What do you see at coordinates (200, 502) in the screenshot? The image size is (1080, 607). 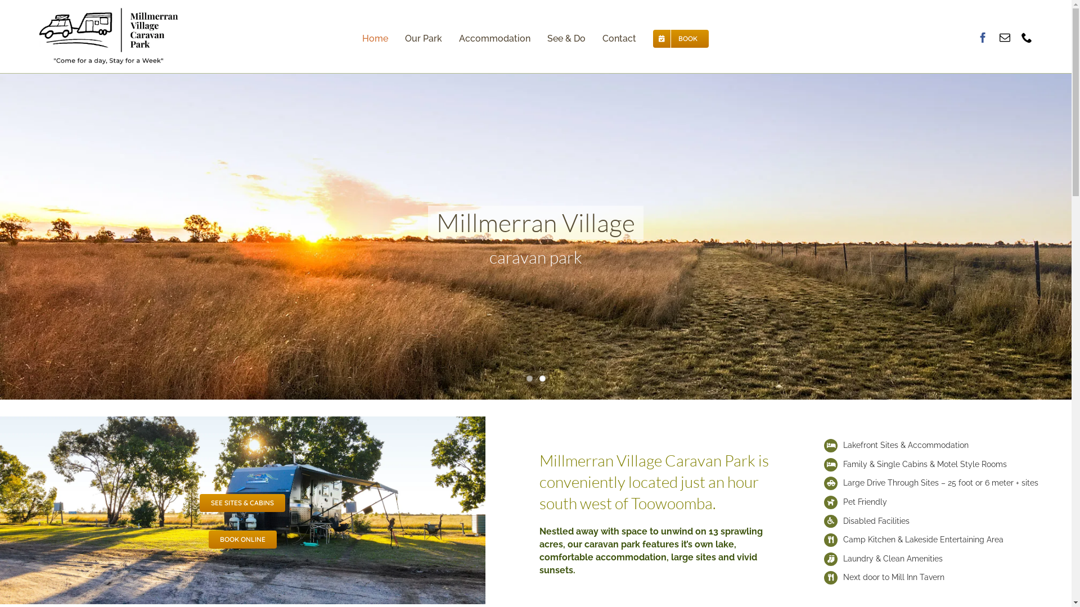 I see `'SEE SITES & CABINS'` at bounding box center [200, 502].